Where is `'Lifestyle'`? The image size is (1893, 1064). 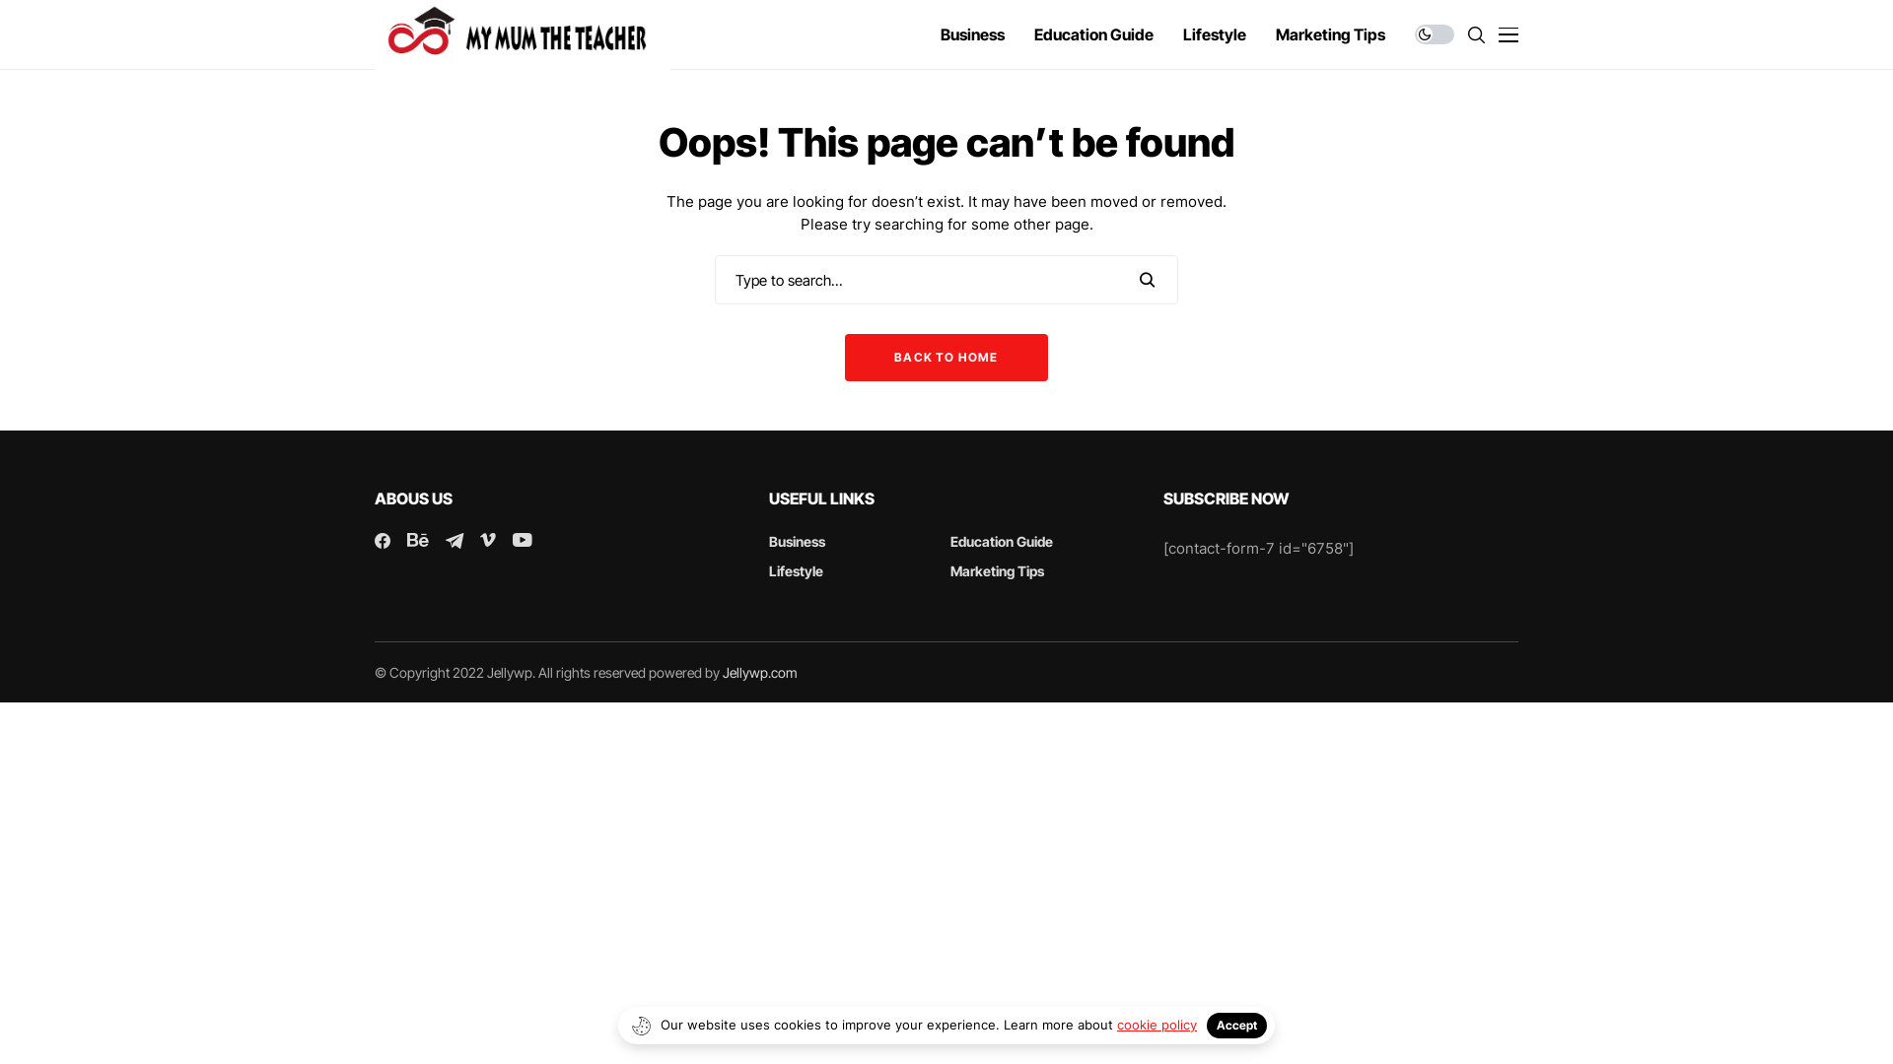 'Lifestyle' is located at coordinates (796, 570).